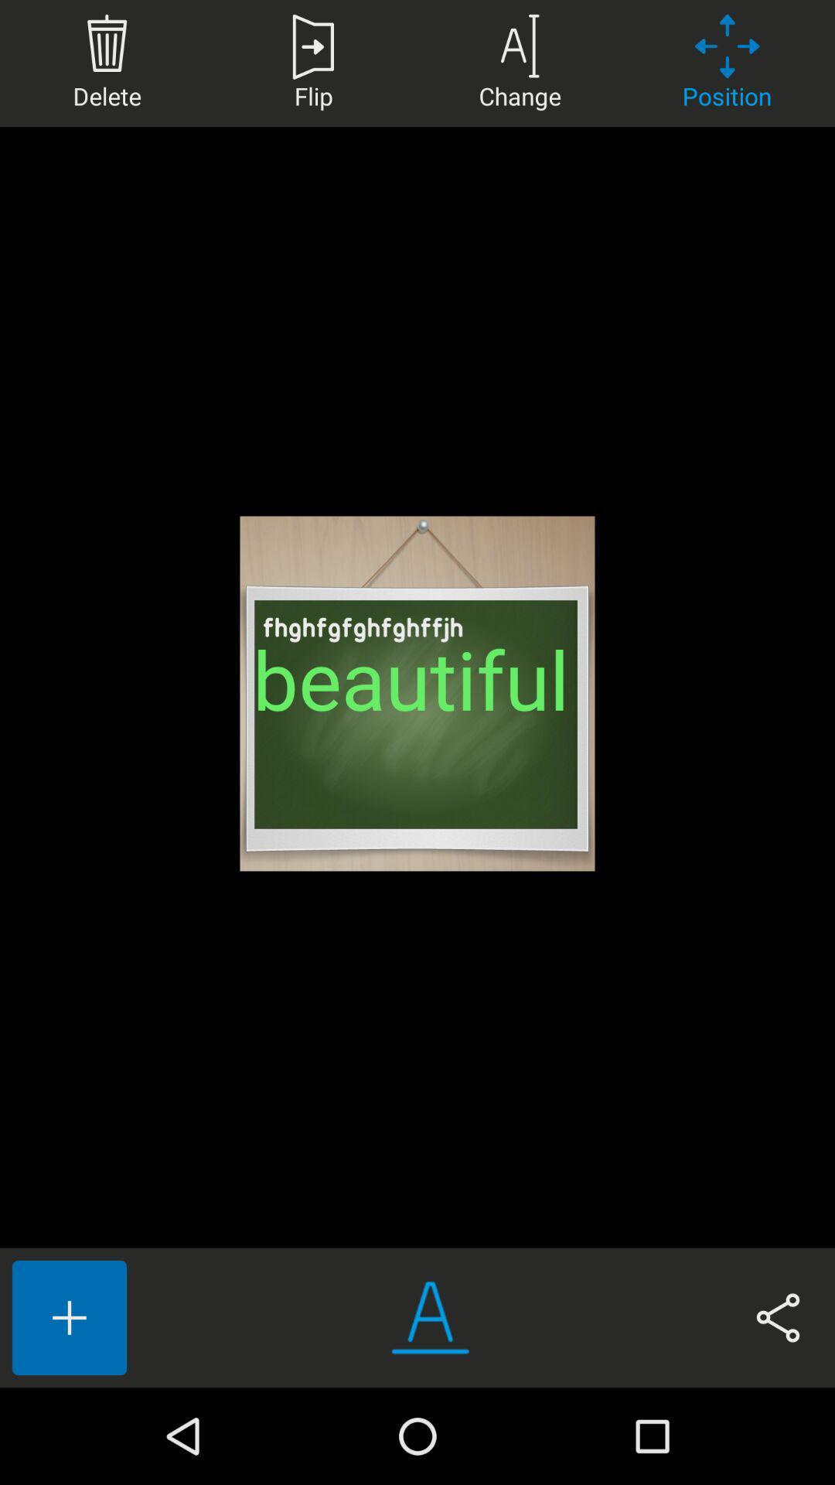 The height and width of the screenshot is (1485, 835). What do you see at coordinates (68, 1317) in the screenshot?
I see `the add icon` at bounding box center [68, 1317].